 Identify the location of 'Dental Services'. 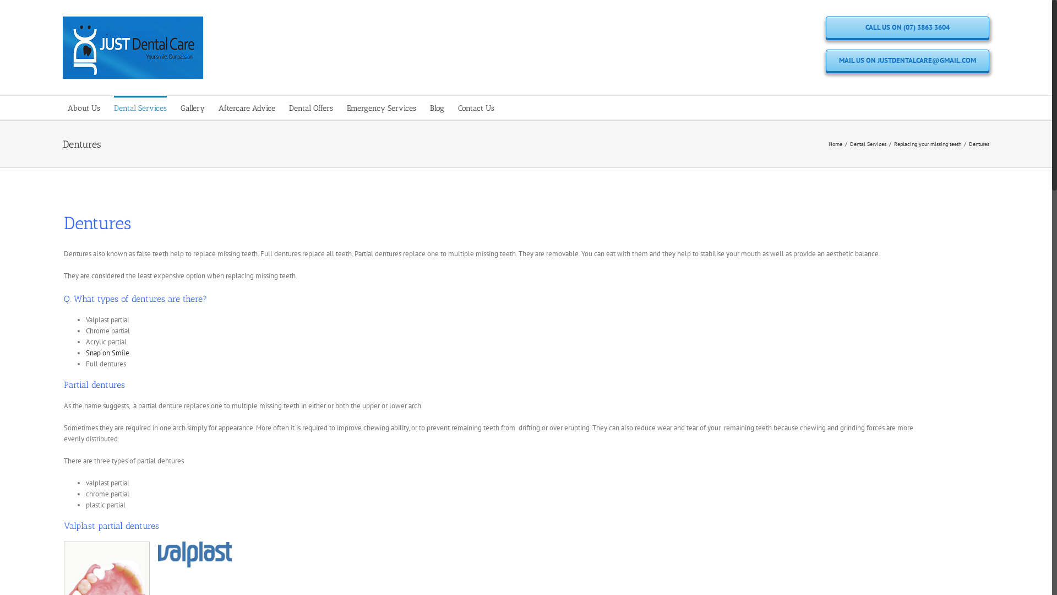
(868, 143).